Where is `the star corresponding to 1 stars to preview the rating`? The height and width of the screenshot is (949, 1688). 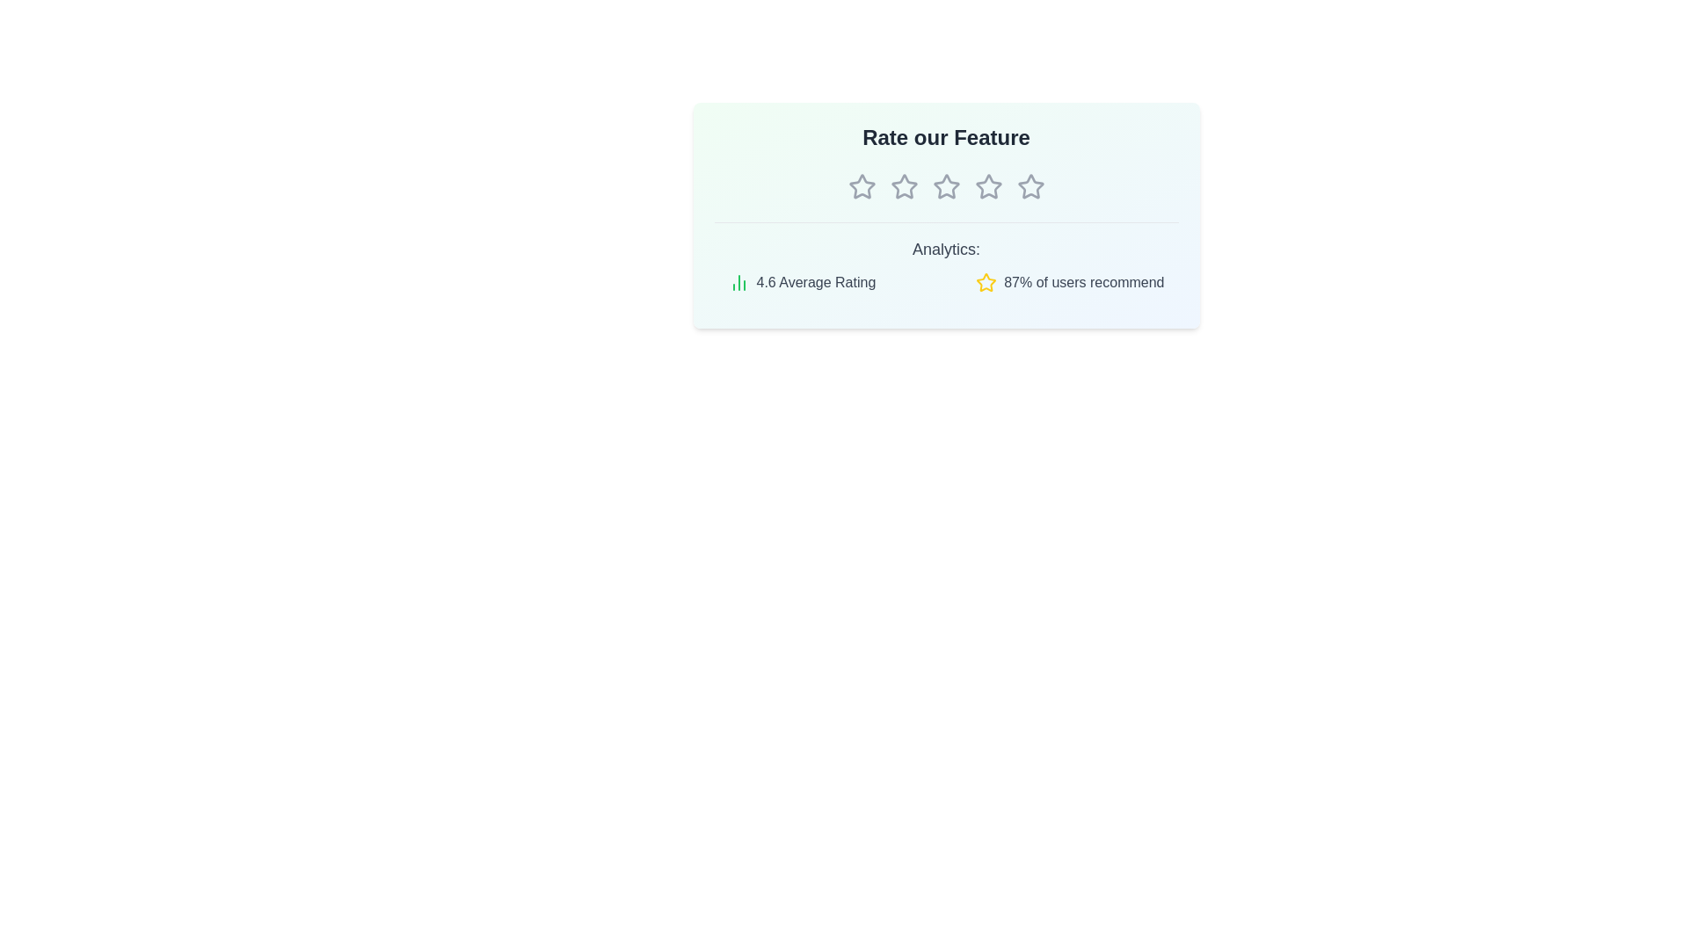
the star corresponding to 1 stars to preview the rating is located at coordinates (862, 186).